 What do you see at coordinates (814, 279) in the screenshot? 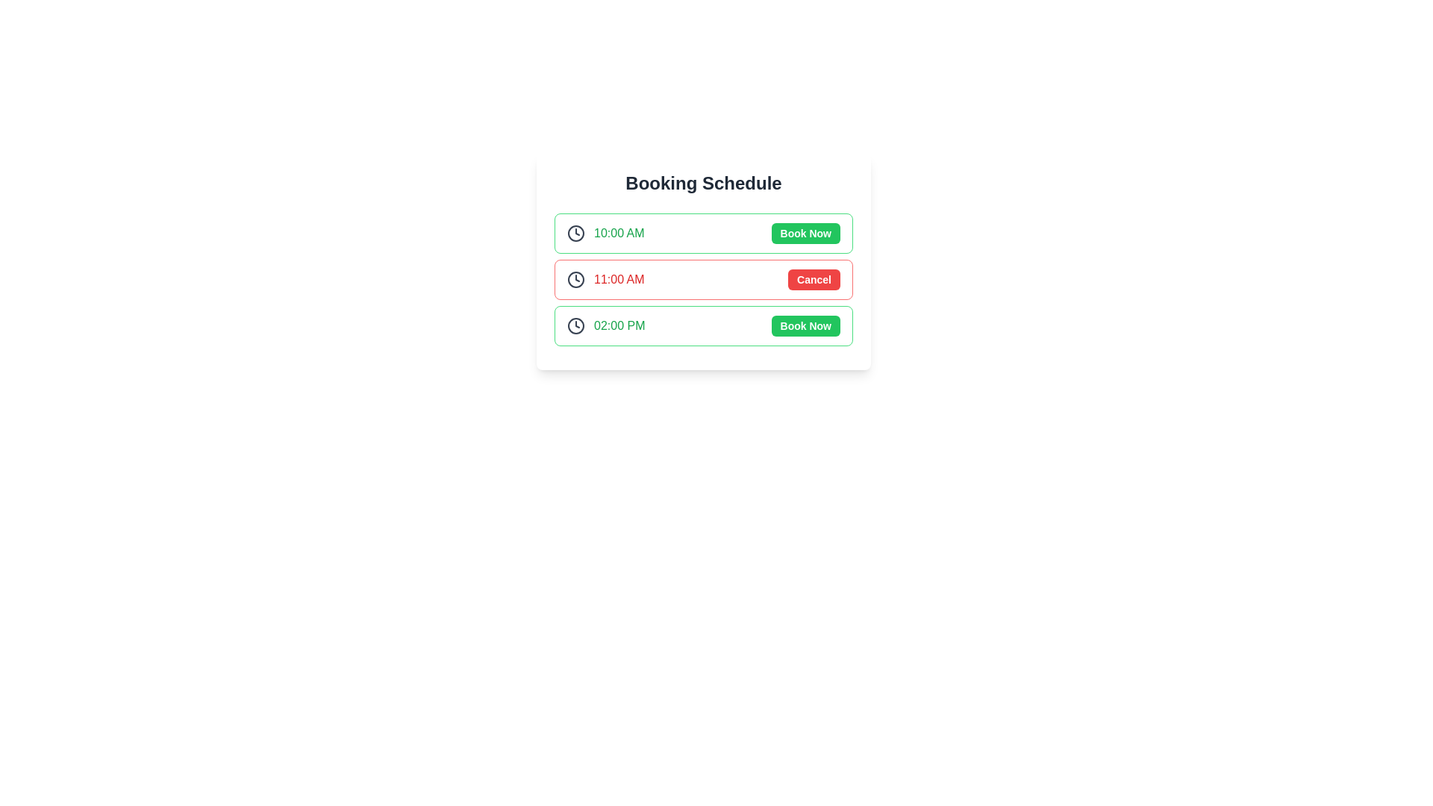
I see `the 'Cancel' button with a bright red background and white bold text located at the right side of the 11:00 AM slot in the schedule` at bounding box center [814, 279].